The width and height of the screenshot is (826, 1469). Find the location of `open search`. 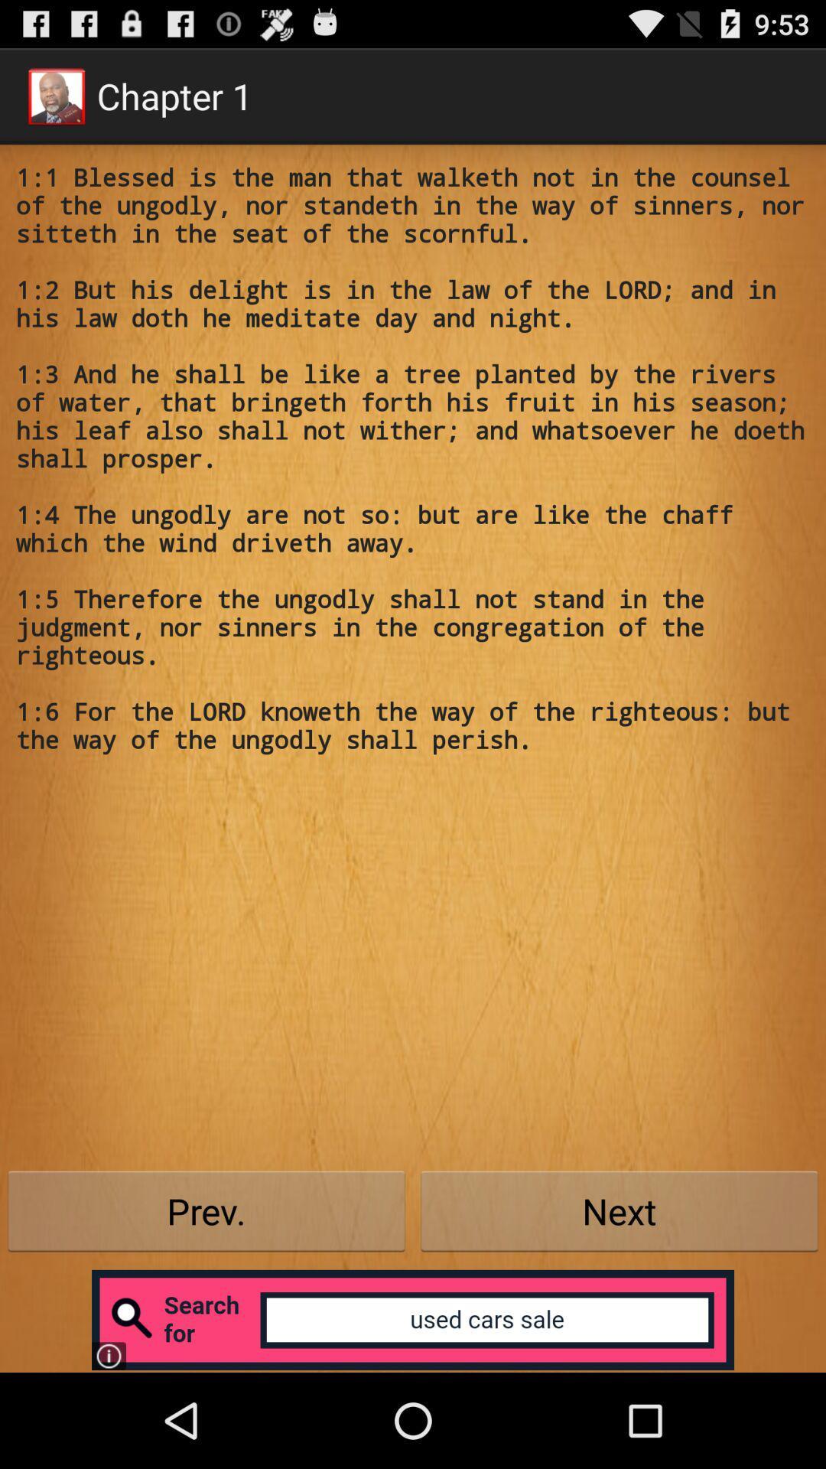

open search is located at coordinates (413, 1319).